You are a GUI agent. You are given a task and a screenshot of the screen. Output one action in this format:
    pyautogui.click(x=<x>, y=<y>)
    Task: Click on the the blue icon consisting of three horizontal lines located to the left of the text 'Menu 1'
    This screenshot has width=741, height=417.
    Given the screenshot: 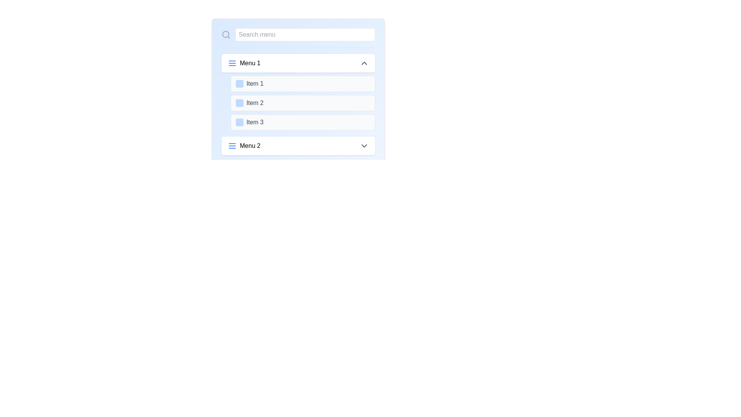 What is the action you would take?
    pyautogui.click(x=232, y=63)
    